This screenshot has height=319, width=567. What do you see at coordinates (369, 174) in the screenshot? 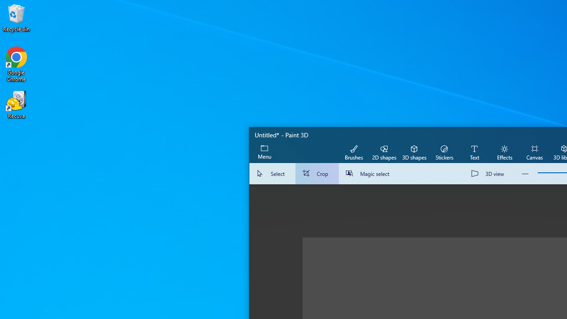
I see `'Magic select'` at bounding box center [369, 174].